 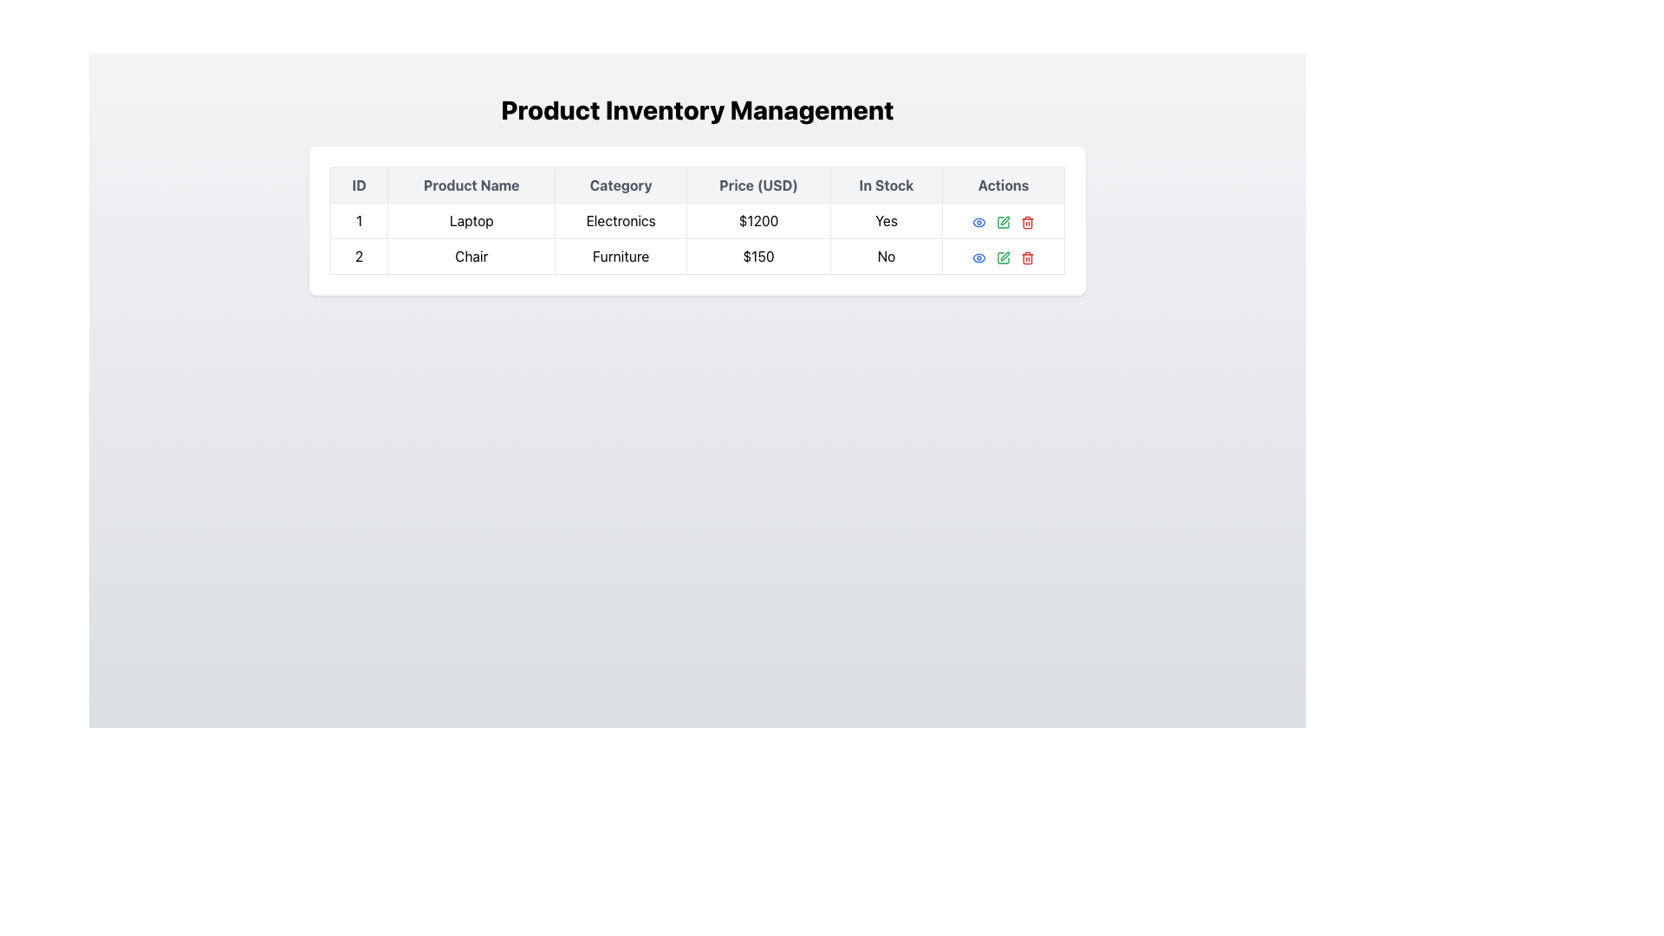 What do you see at coordinates (1027, 220) in the screenshot?
I see `the delete icon button located in the 'Actions' column for the second item ('Chair') in the inventory table` at bounding box center [1027, 220].